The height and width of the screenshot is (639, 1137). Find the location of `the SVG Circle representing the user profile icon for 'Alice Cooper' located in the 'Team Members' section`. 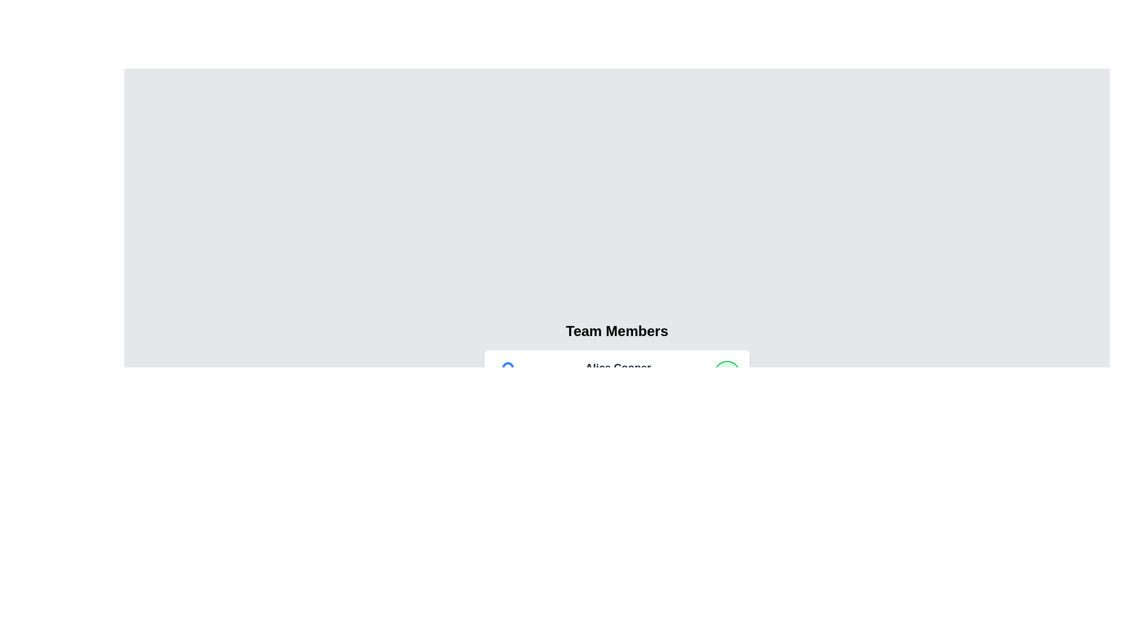

the SVG Circle representing the user profile icon for 'Alice Cooper' located in the 'Team Members' section is located at coordinates (508, 367).